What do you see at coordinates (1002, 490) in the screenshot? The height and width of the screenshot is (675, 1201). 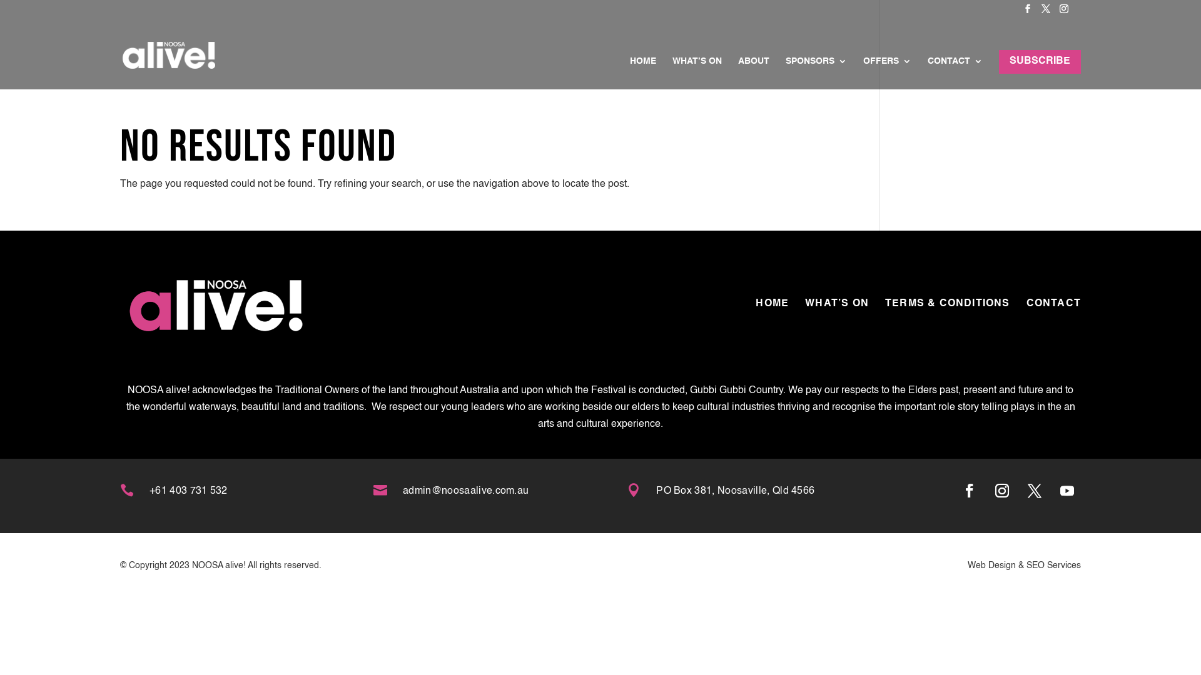 I see `'Follow on Instagram'` at bounding box center [1002, 490].